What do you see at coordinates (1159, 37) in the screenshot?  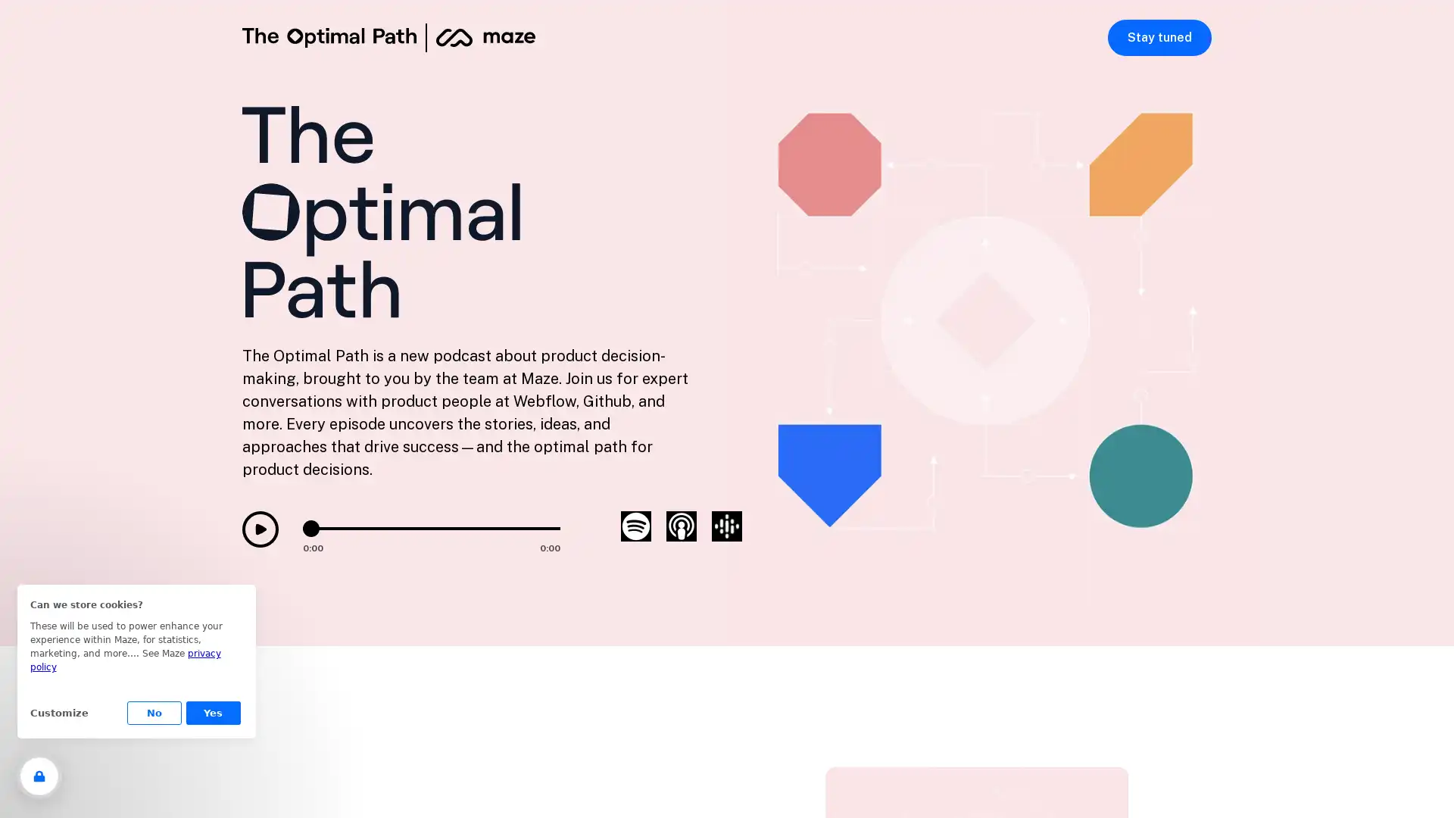 I see `Stay tuned` at bounding box center [1159, 37].